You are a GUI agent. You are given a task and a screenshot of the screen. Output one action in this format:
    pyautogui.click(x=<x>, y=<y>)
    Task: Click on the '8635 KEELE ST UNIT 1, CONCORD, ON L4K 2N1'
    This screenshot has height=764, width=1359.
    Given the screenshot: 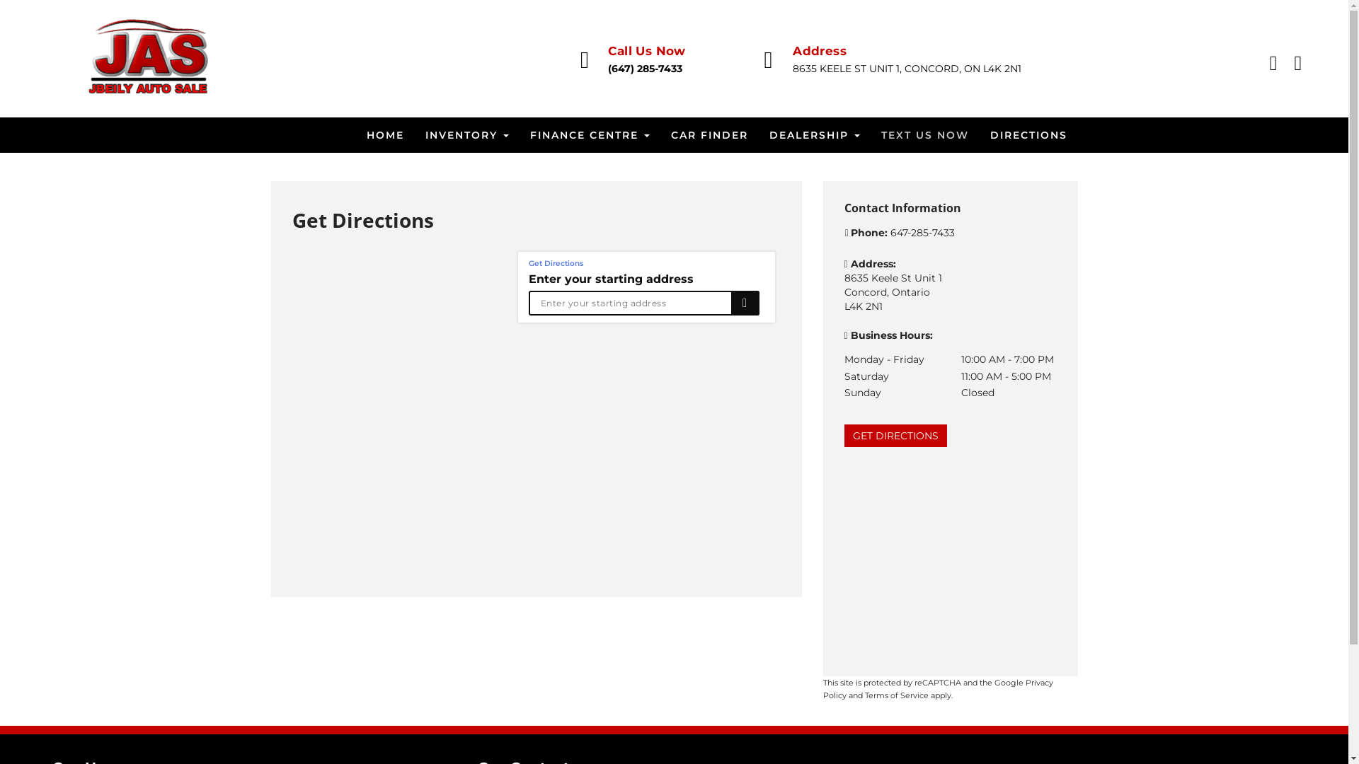 What is the action you would take?
    pyautogui.click(x=907, y=68)
    